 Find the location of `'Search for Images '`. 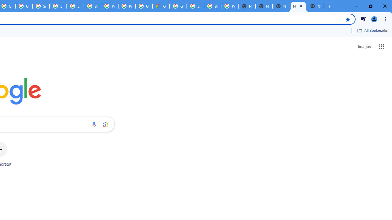

'Search for Images ' is located at coordinates (364, 46).